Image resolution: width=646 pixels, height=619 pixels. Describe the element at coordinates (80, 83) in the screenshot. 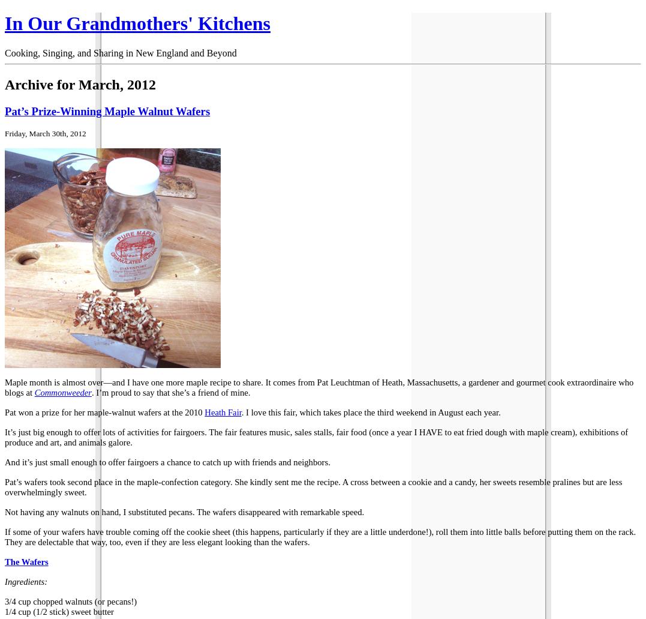

I see `'Archive for March, 2012'` at that location.